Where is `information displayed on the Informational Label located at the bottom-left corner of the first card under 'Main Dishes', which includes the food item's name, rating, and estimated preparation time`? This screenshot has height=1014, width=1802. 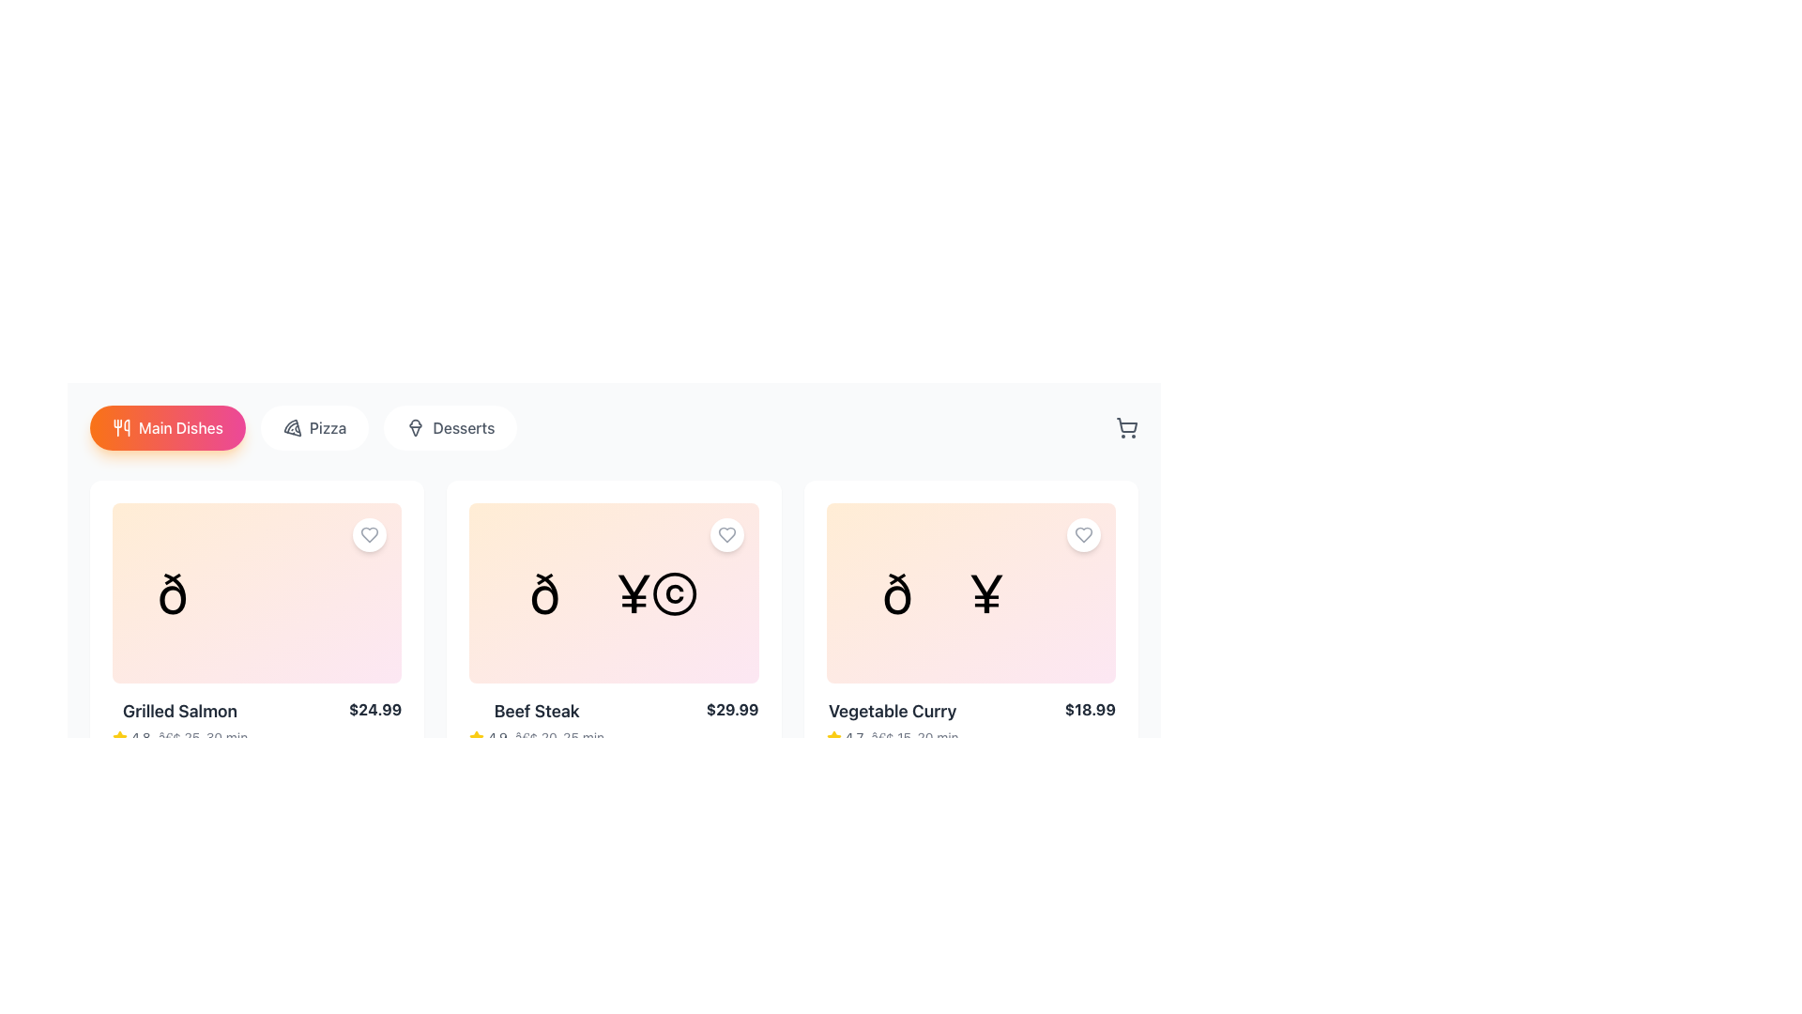
information displayed on the Informational Label located at the bottom-left corner of the first card under 'Main Dishes', which includes the food item's name, rating, and estimated preparation time is located at coordinates (180, 722).